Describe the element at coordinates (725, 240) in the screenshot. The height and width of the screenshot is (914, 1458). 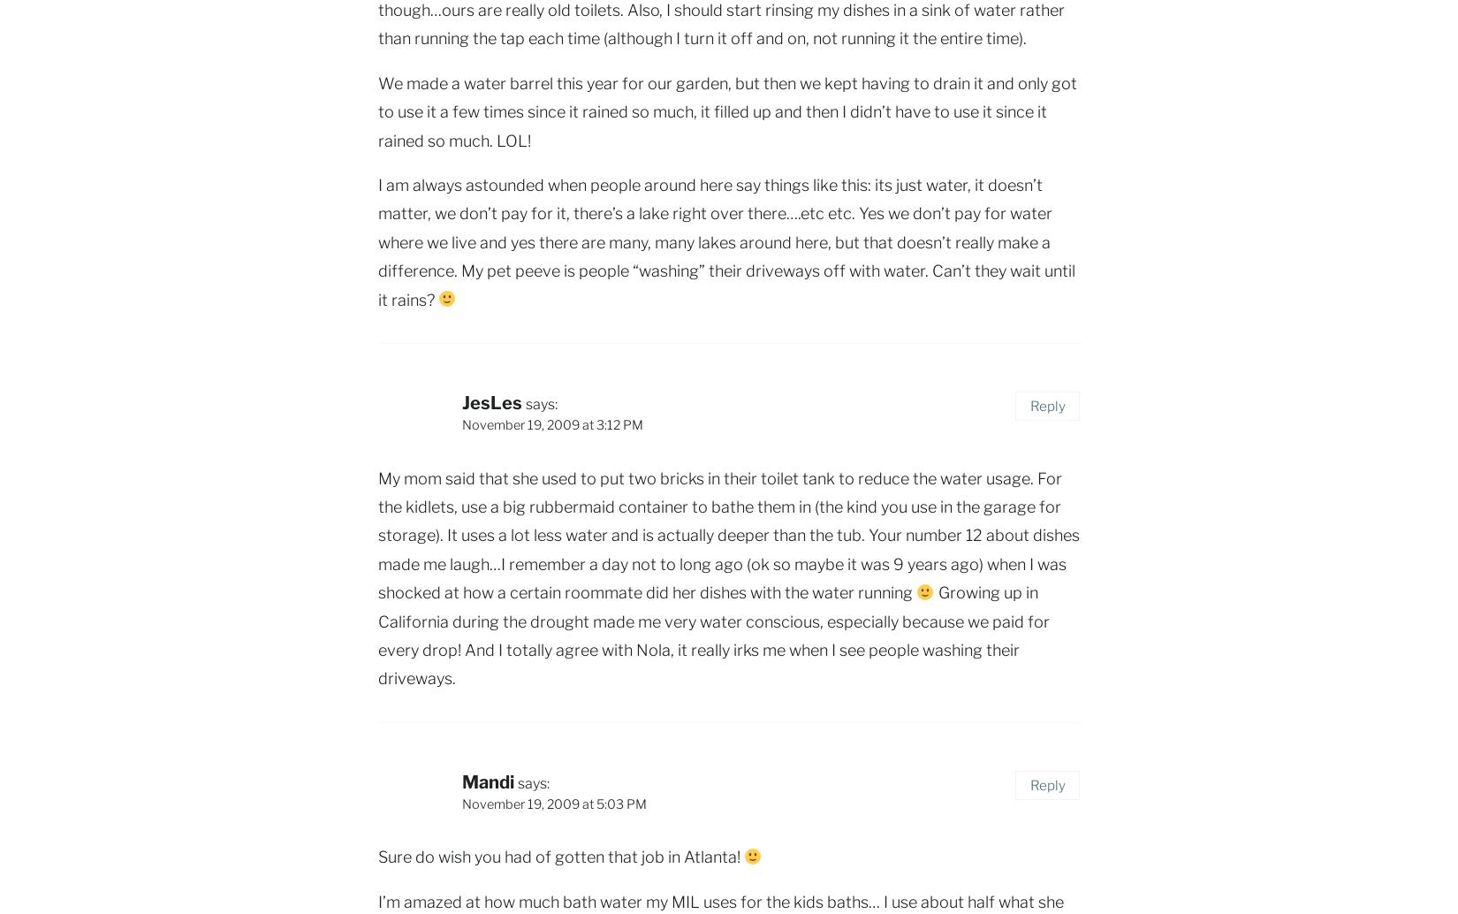
I see `'I am always astounded when people around here say things like this: its just water, it doesn’t matter, we don’t pay for it, there’s a lake right over there….etc etc. Yes we don’t pay for water where we live and yes there are many, many lakes around here, but that doesn’t really make a difference. My pet peeve is people “washing” their driveways off with water. Can’t they wait until it rains?'` at that location.